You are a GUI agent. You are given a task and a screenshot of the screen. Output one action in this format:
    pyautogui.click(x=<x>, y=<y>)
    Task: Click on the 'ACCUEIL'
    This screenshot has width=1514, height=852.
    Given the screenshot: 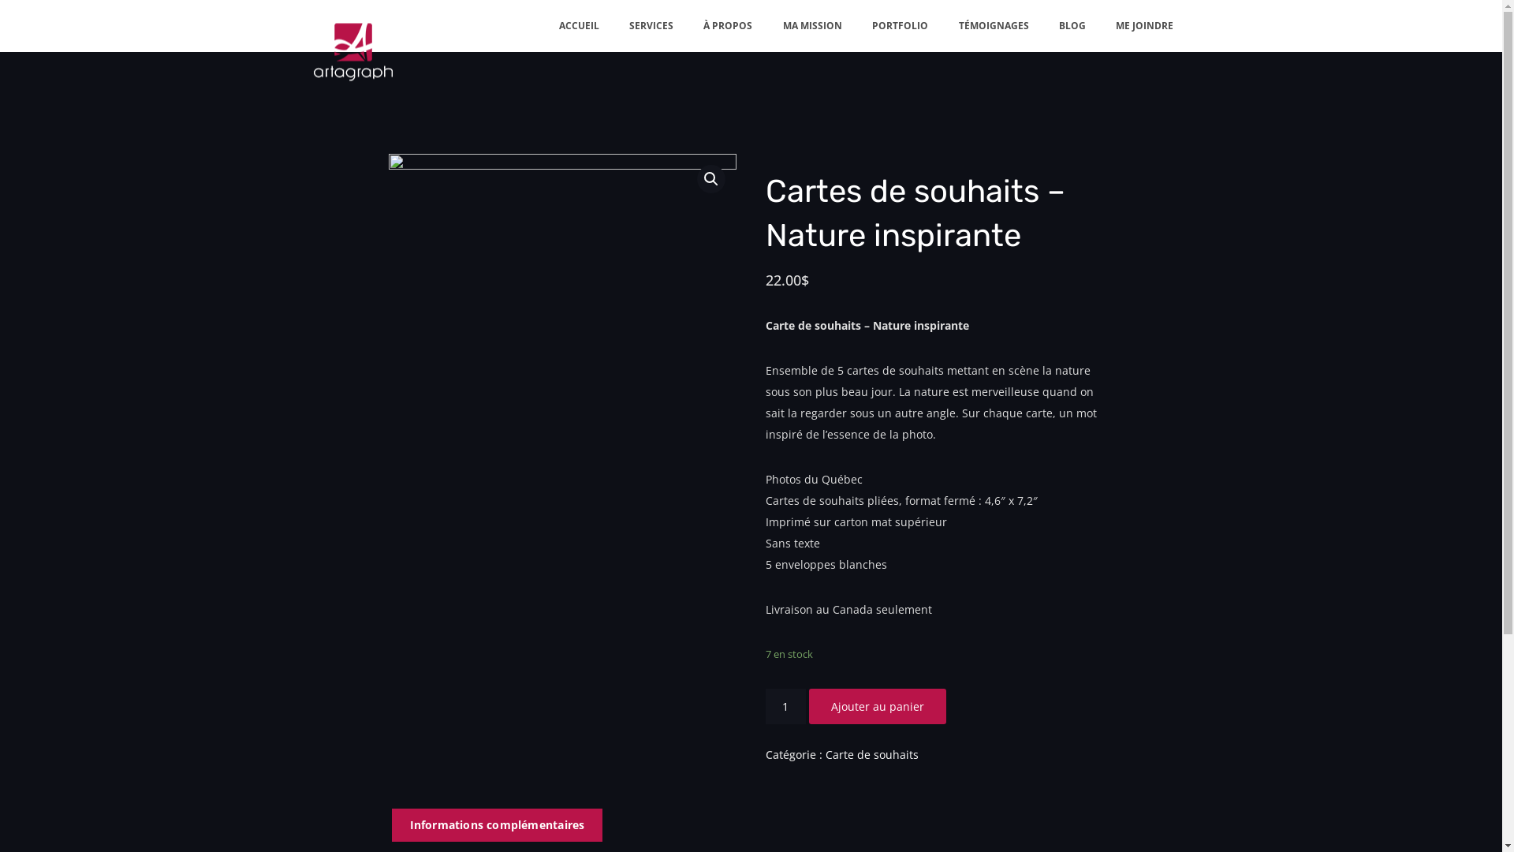 What is the action you would take?
    pyautogui.click(x=578, y=26)
    